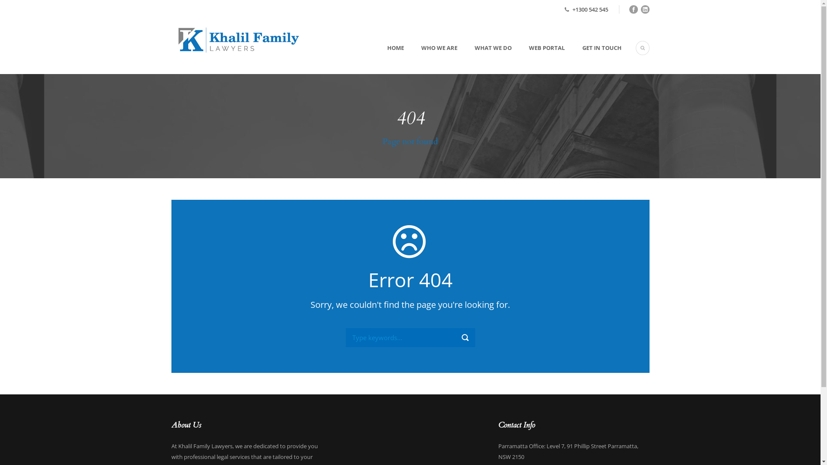  Describe the element at coordinates (381, 58) in the screenshot. I see `'HOME'` at that location.